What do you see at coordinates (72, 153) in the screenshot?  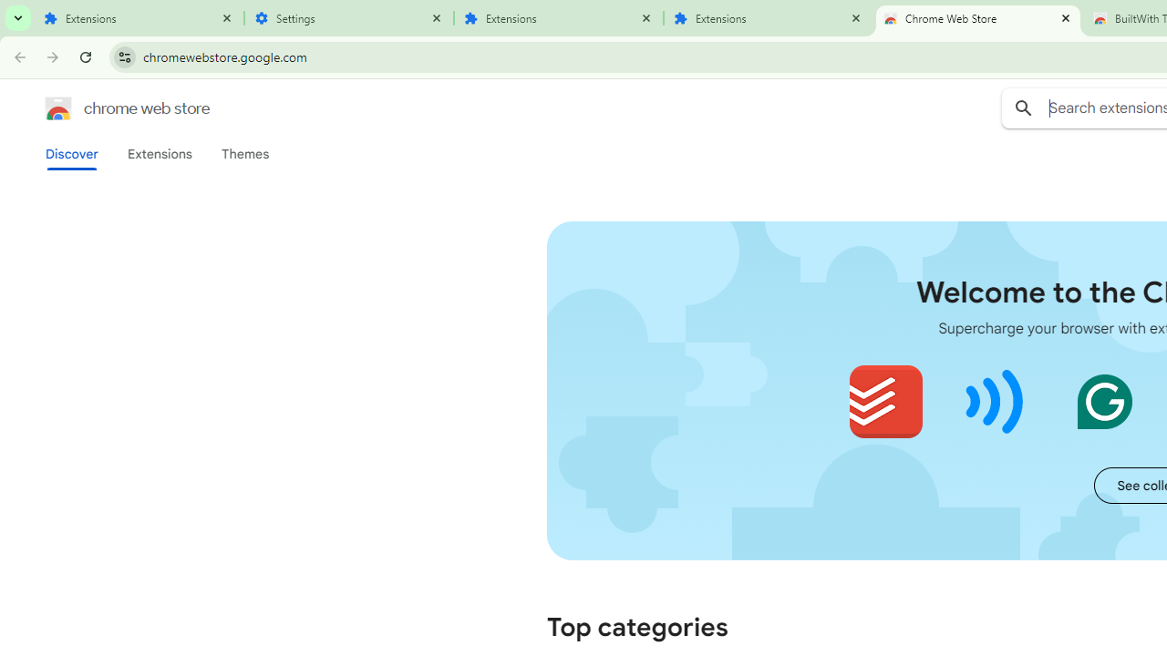 I see `'Discover'` at bounding box center [72, 153].